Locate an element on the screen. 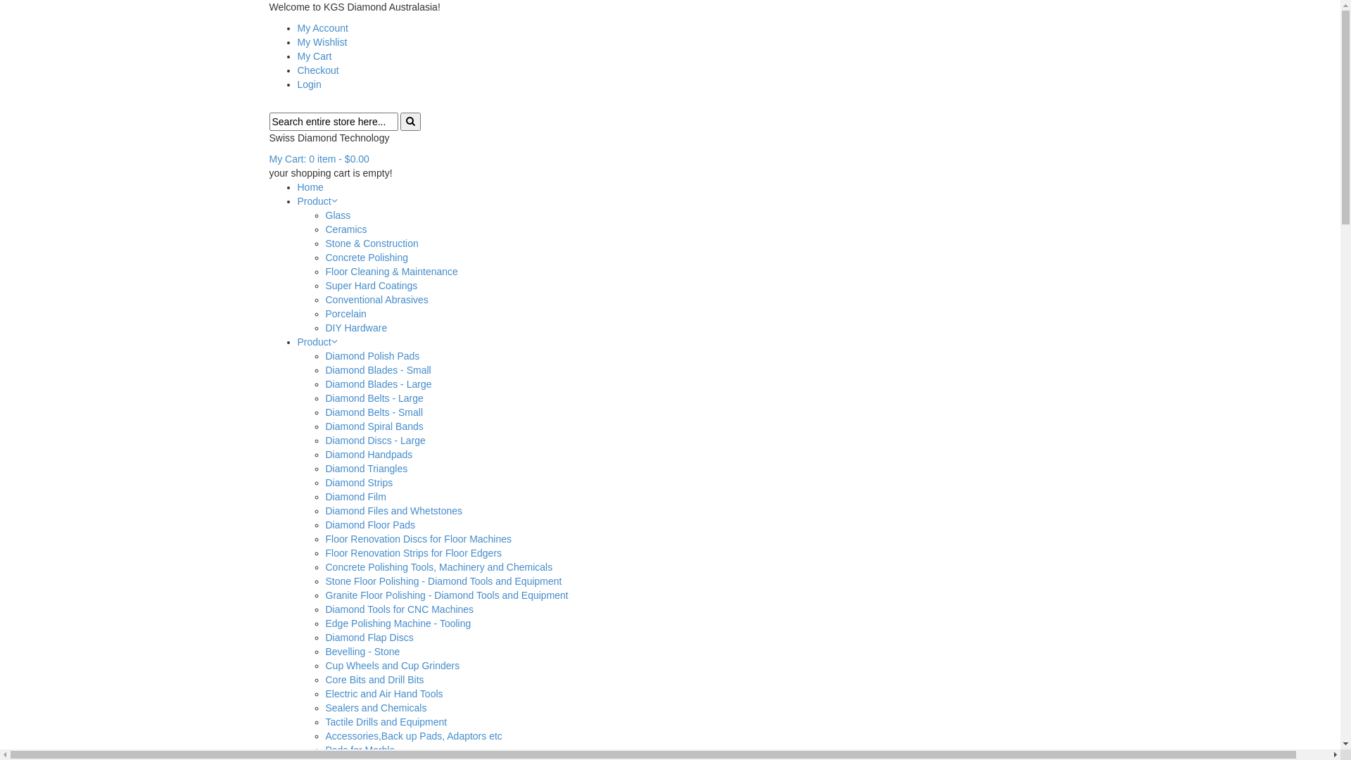  'Glass' is located at coordinates (338, 215).